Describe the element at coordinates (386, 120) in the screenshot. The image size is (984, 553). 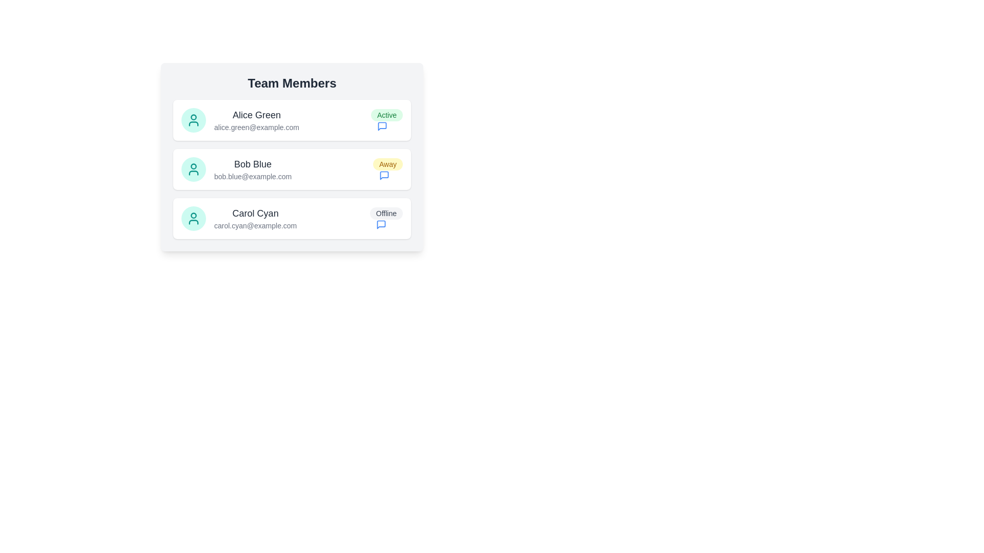
I see `the status label displaying 'Active' with a green background, located in the top-right corner of the item labeled 'Alice Green'` at that location.